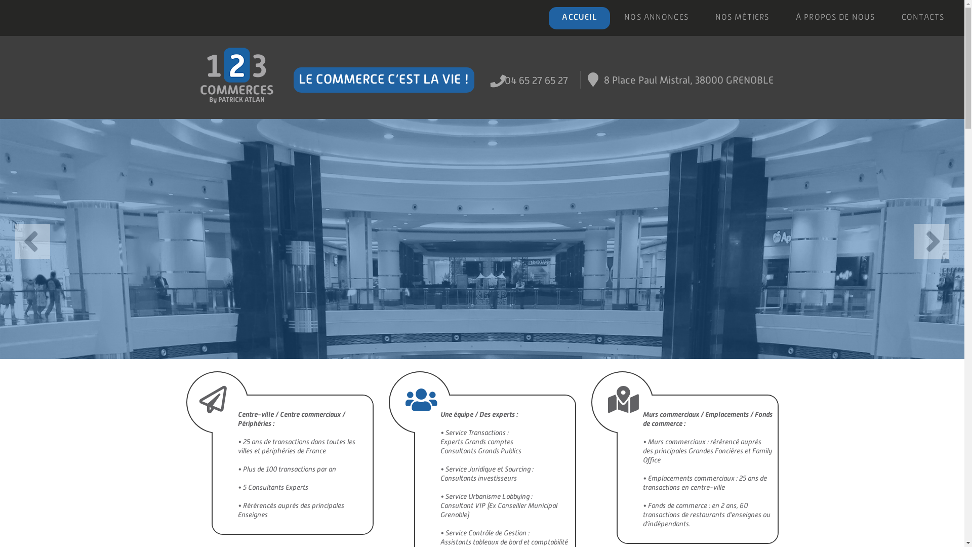  I want to click on 'ACCUEIL', so click(579, 18).